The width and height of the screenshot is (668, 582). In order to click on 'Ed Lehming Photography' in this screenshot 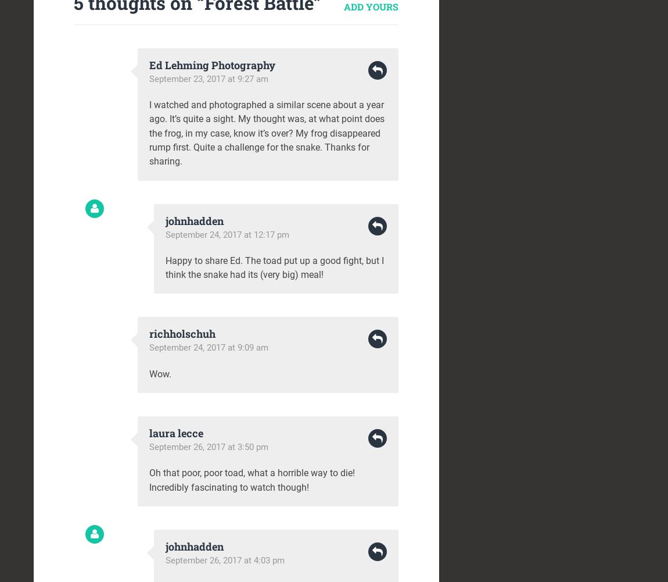, I will do `click(149, 64)`.